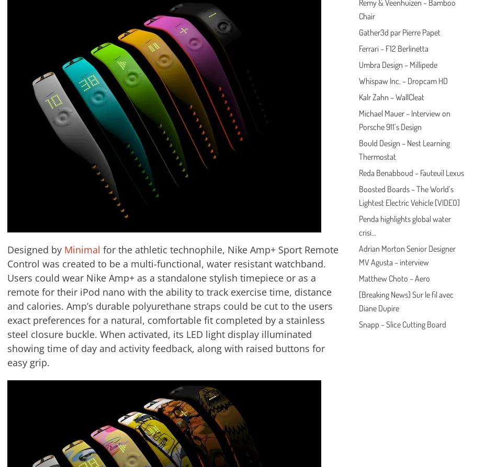 The width and height of the screenshot is (497, 467). What do you see at coordinates (404, 224) in the screenshot?
I see `'Penda highlights global water crisi…'` at bounding box center [404, 224].